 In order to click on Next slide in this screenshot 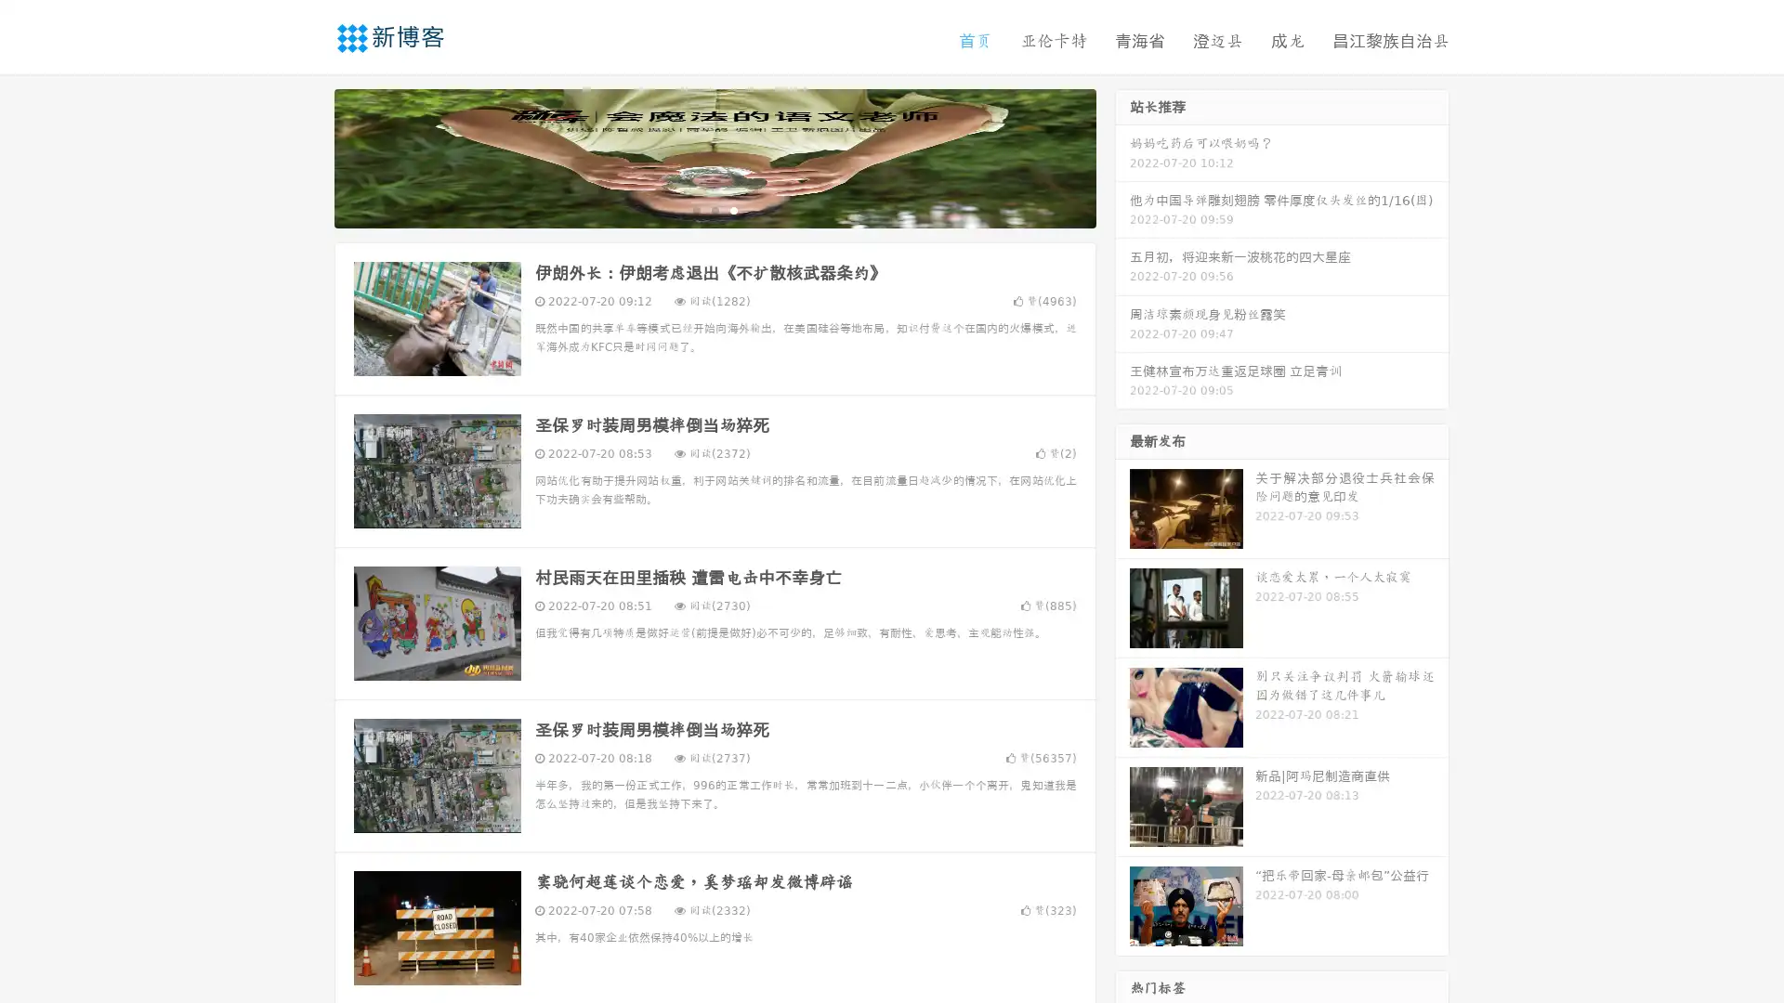, I will do `click(1122, 156)`.